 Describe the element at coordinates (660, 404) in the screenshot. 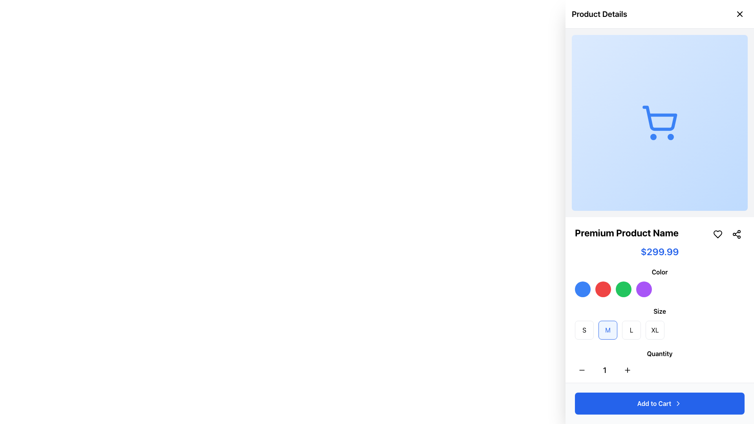

I see `the 'Add to Cart' button, which is a rectangular button with a blue background and white text, located at the bottom of the product detail view` at that location.